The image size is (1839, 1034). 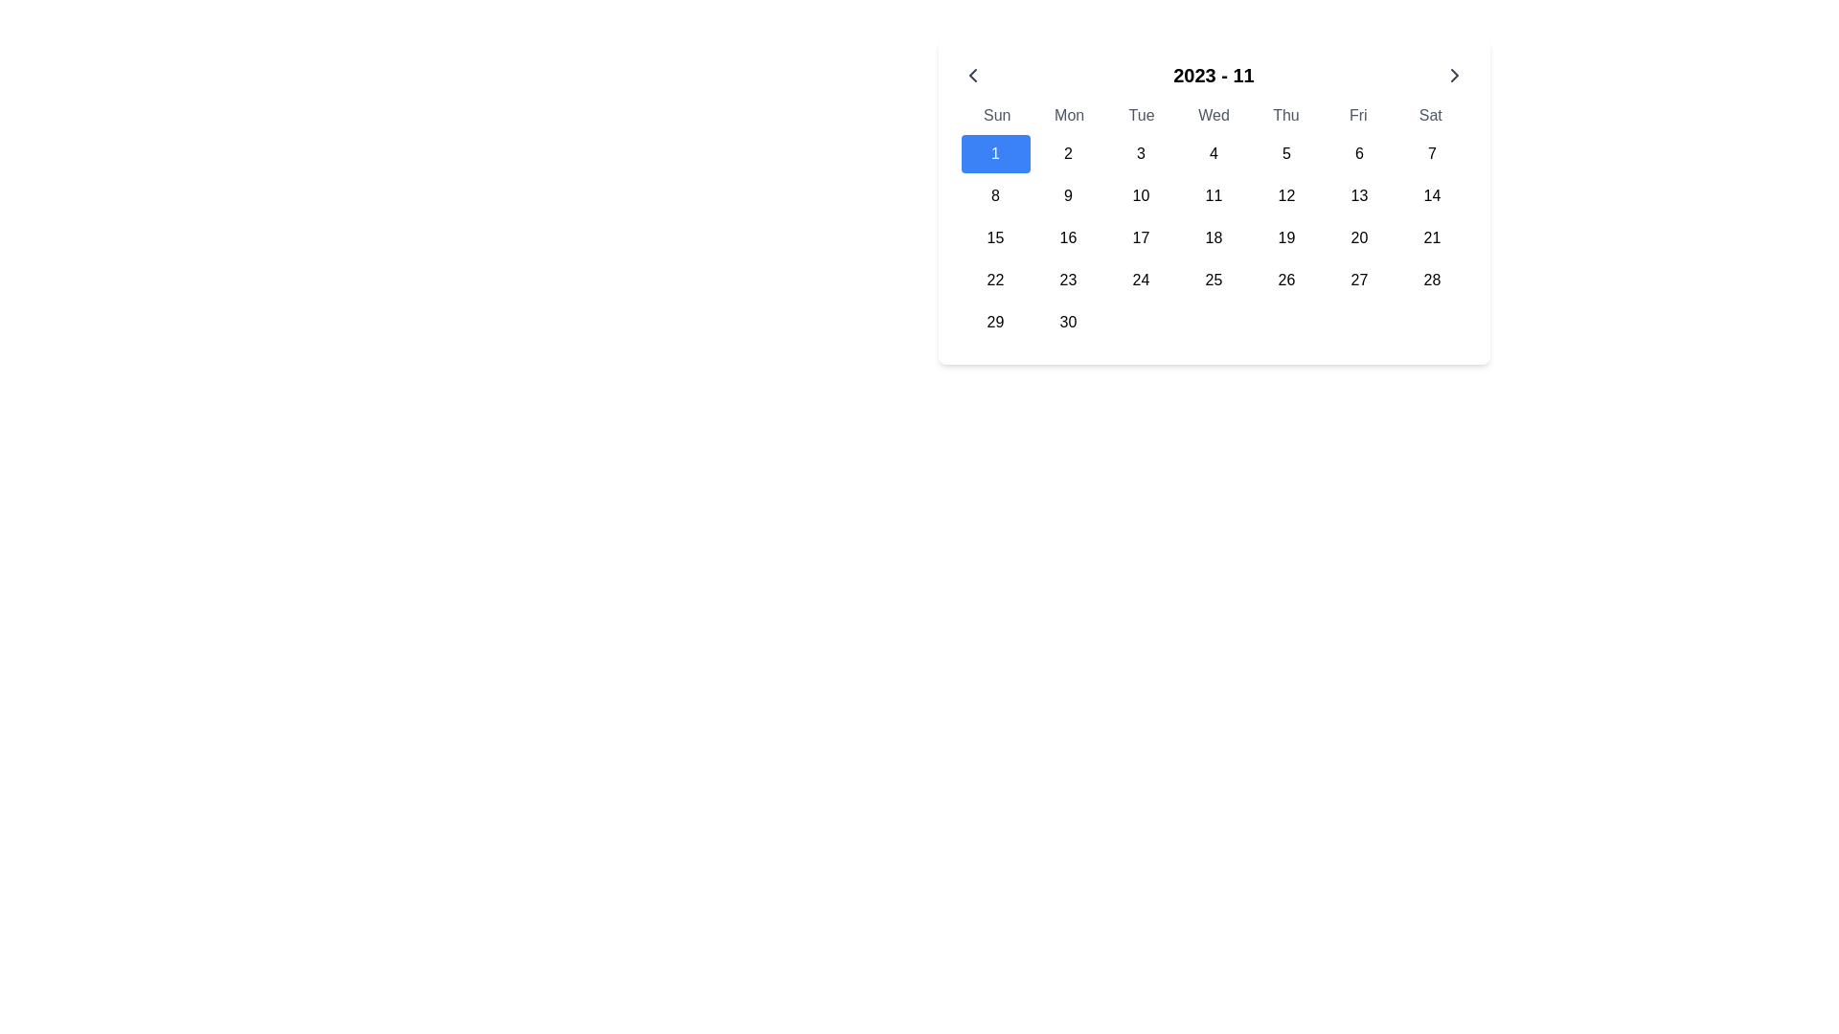 I want to click on the button representing the 20th day of the month in the calendar, so click(x=1358, y=237).